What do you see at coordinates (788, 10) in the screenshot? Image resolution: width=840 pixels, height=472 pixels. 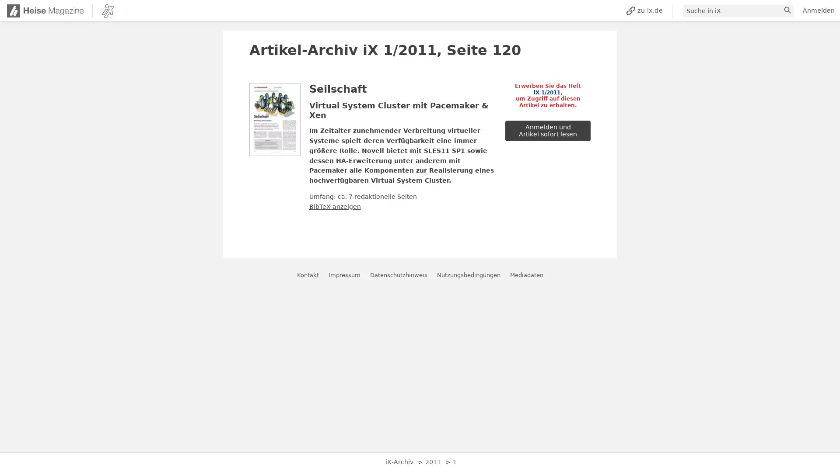 I see `suchen` at bounding box center [788, 10].